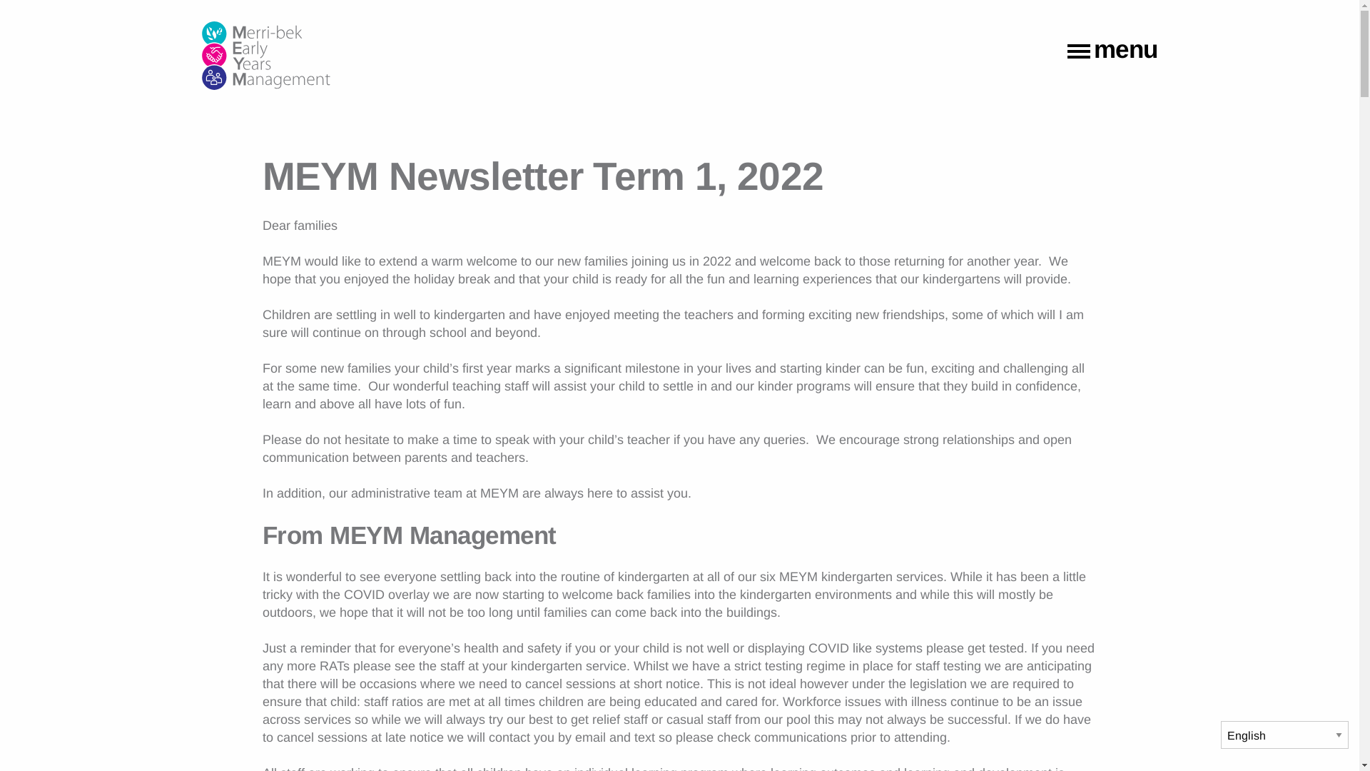 The image size is (1370, 771). I want to click on 'menu', so click(1067, 51).